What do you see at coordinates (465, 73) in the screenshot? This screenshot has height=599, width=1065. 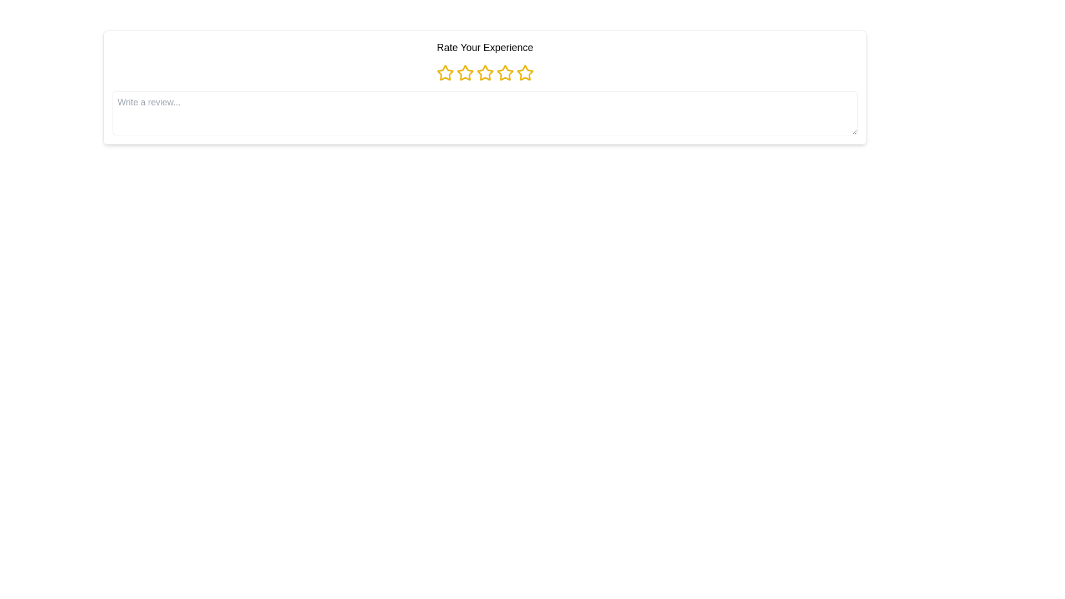 I see `the second star rating button in the 1-5 rating system, located below the 'Rate Your Experience' label` at bounding box center [465, 73].